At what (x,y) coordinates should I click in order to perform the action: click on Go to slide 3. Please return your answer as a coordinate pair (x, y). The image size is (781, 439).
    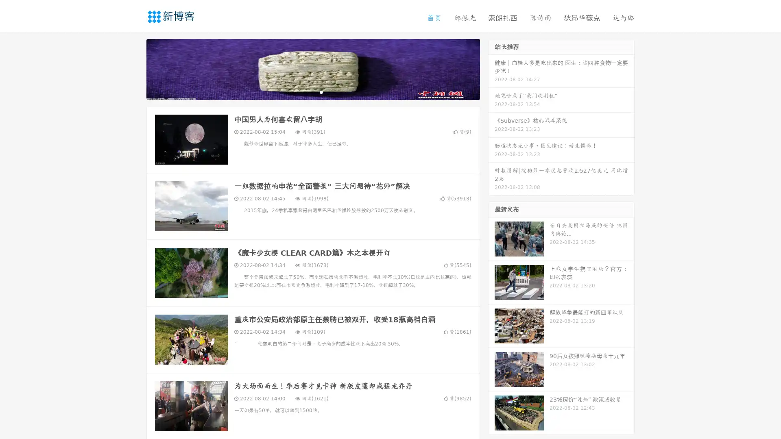
    Looking at the image, I should click on (321, 91).